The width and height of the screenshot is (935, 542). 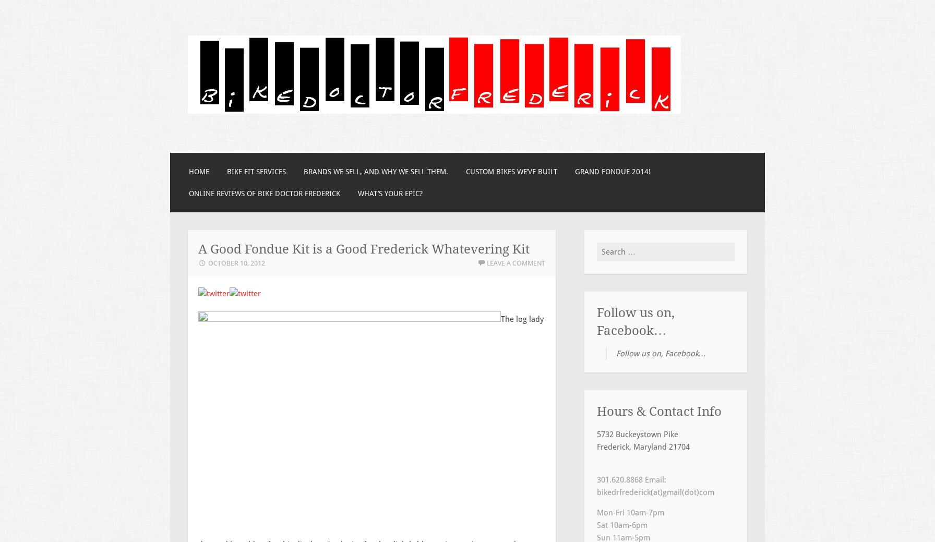 I want to click on 'A Good Fondue Kit is a Good Frederick Whatevering Kit', so click(x=364, y=248).